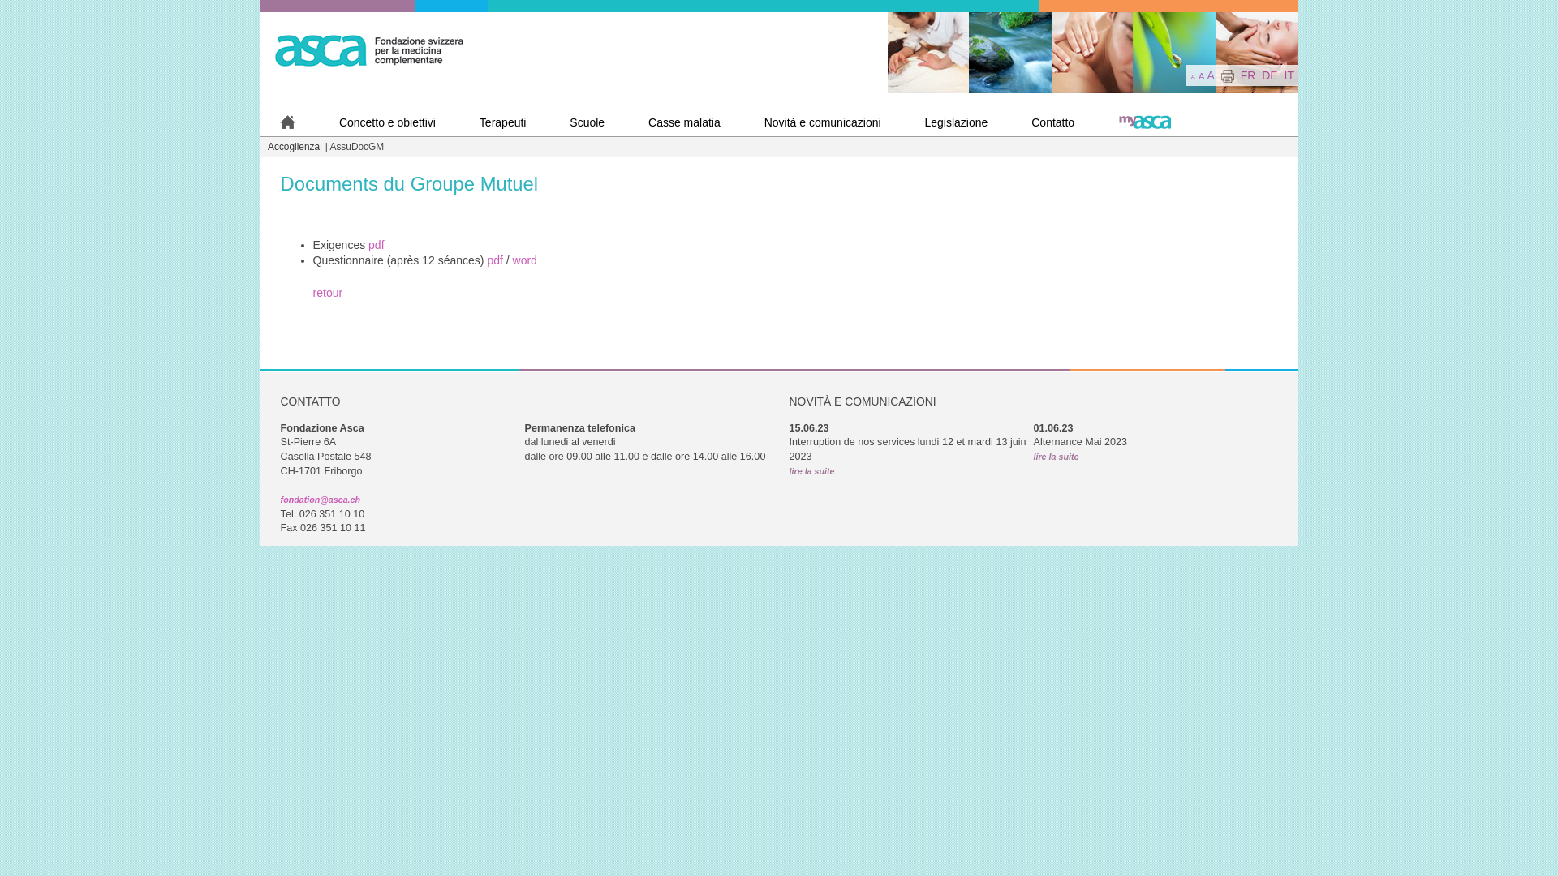 The image size is (1558, 876). Describe the element at coordinates (525, 259) in the screenshot. I see `'word'` at that location.